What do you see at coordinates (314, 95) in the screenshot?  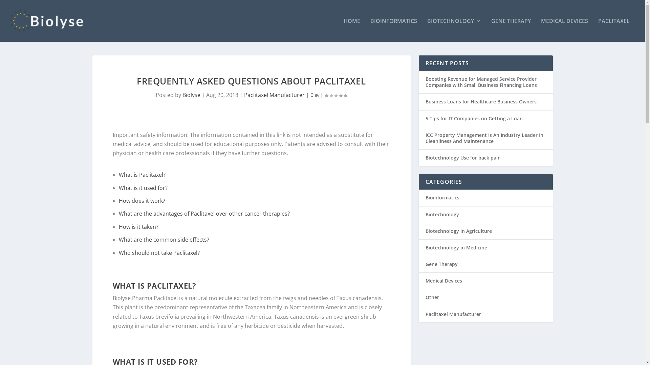 I see `'0'` at bounding box center [314, 95].